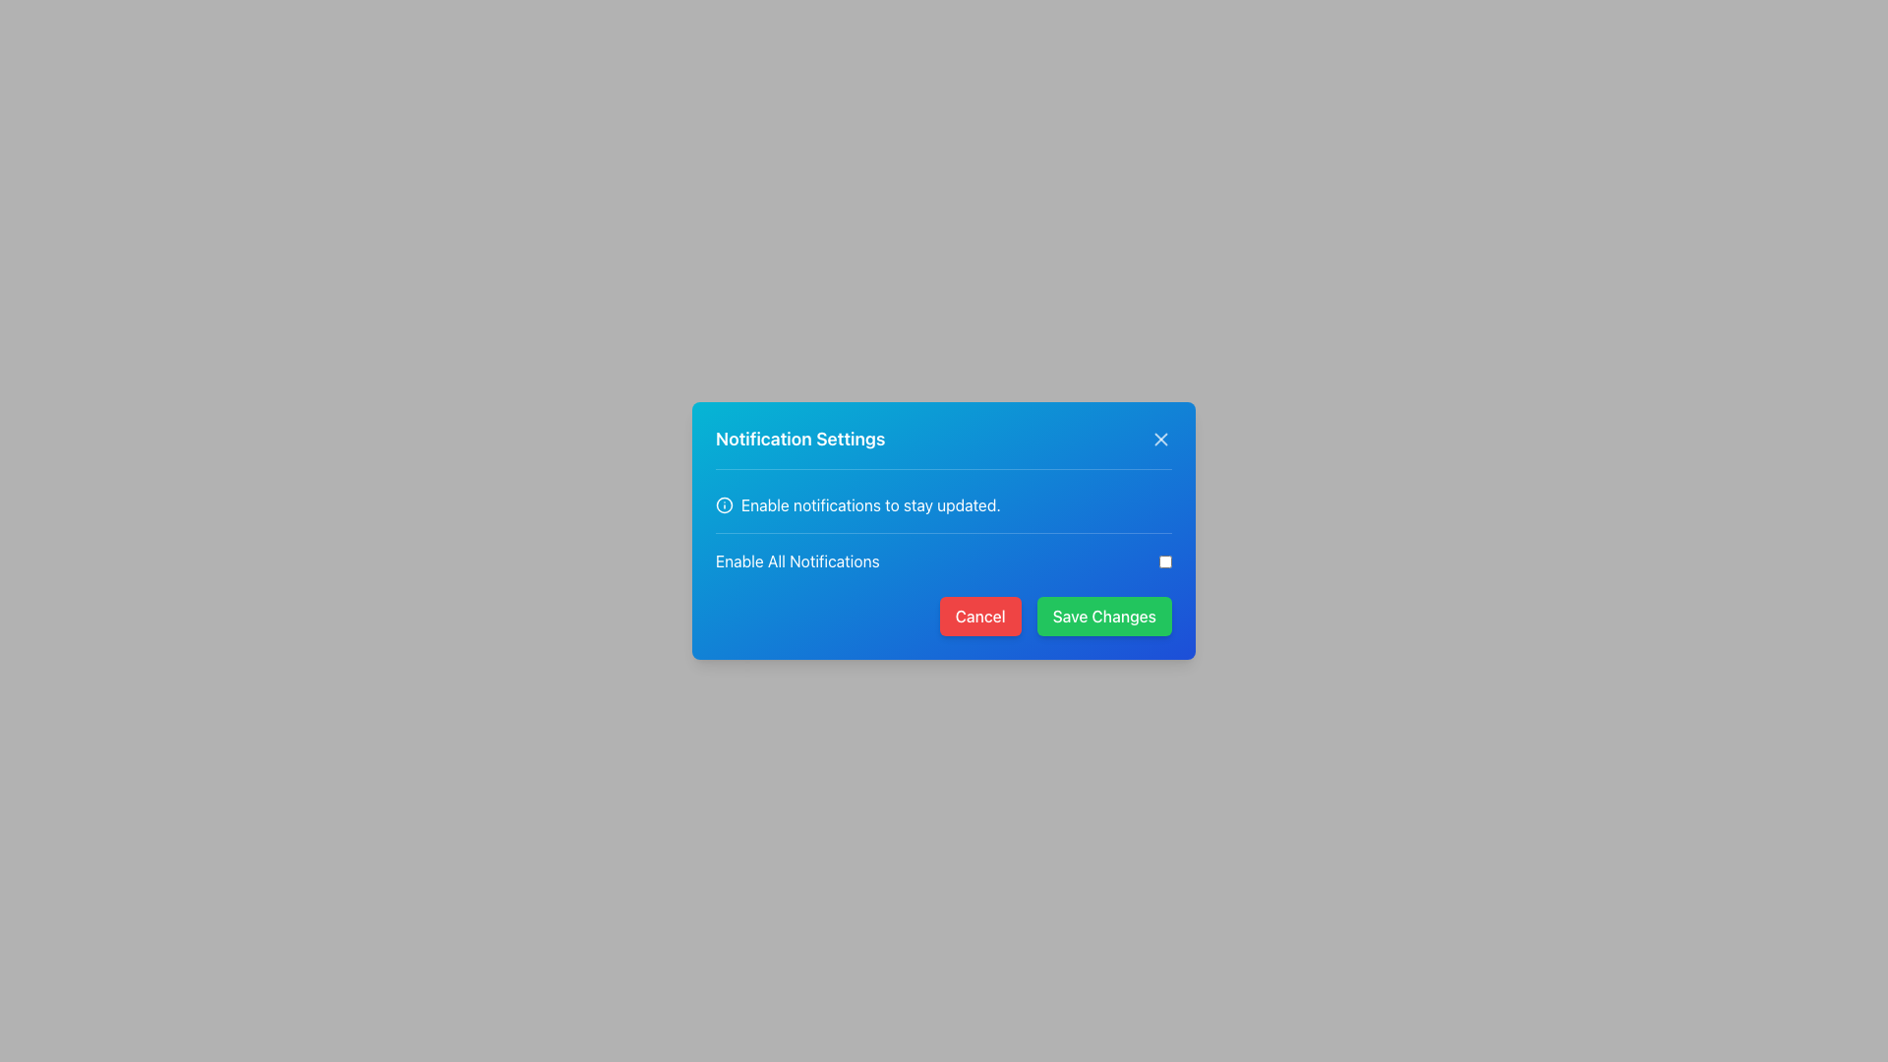  I want to click on the interactive 'X' icon button located in the 'Notification Settings' header section, so click(1160, 439).